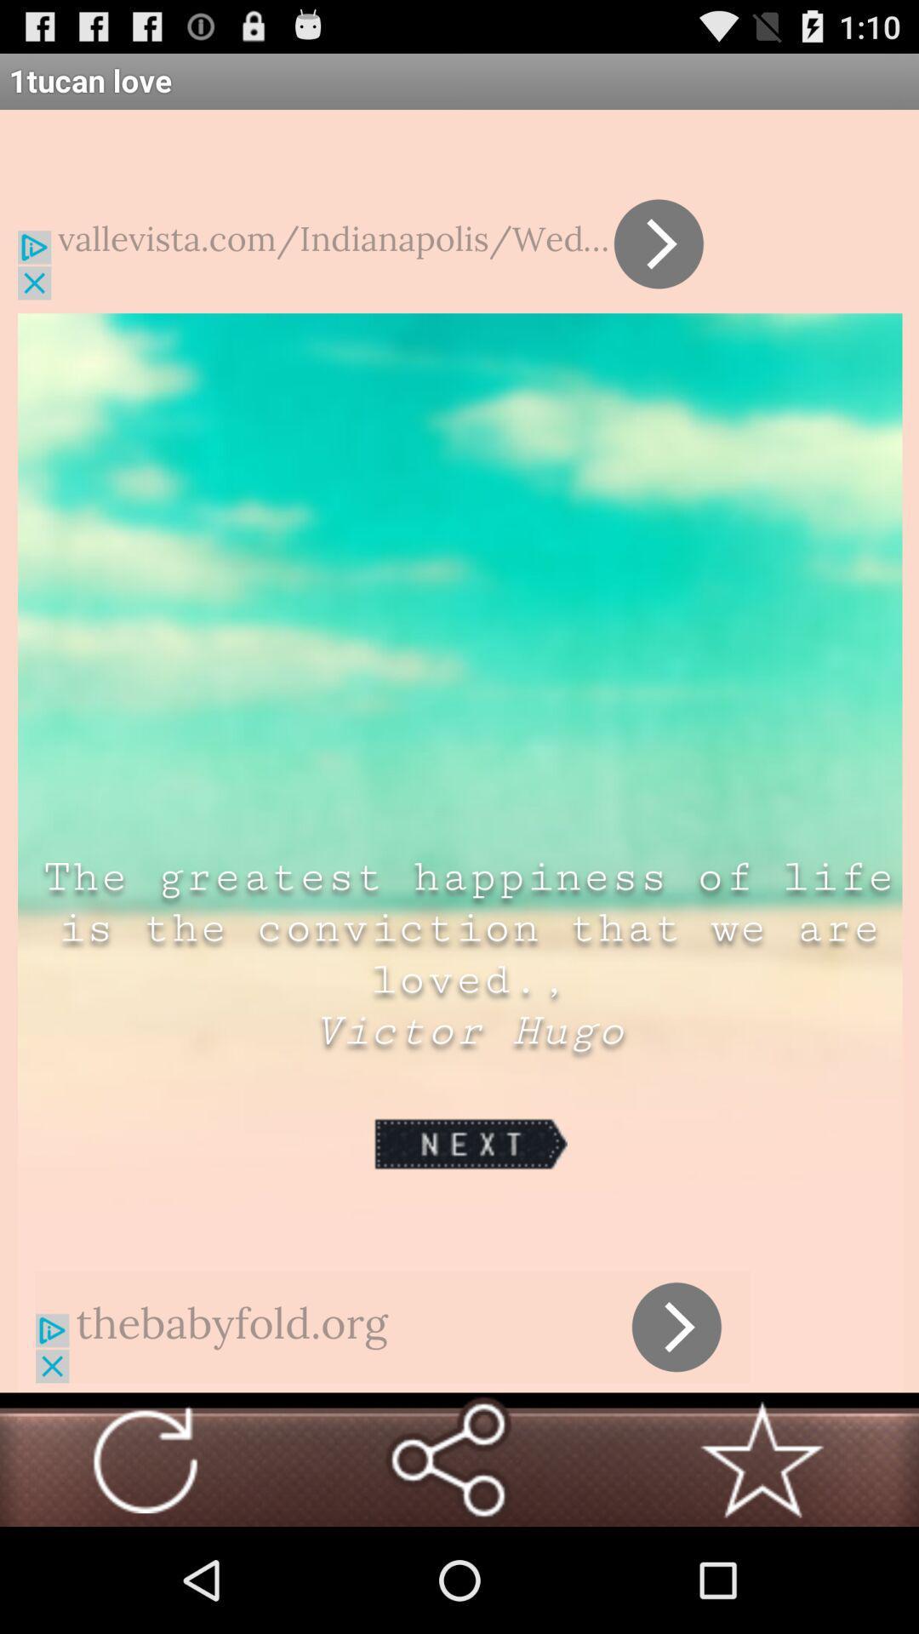 Image resolution: width=919 pixels, height=1634 pixels. What do you see at coordinates (761, 1459) in the screenshot?
I see `quote to favorite` at bounding box center [761, 1459].